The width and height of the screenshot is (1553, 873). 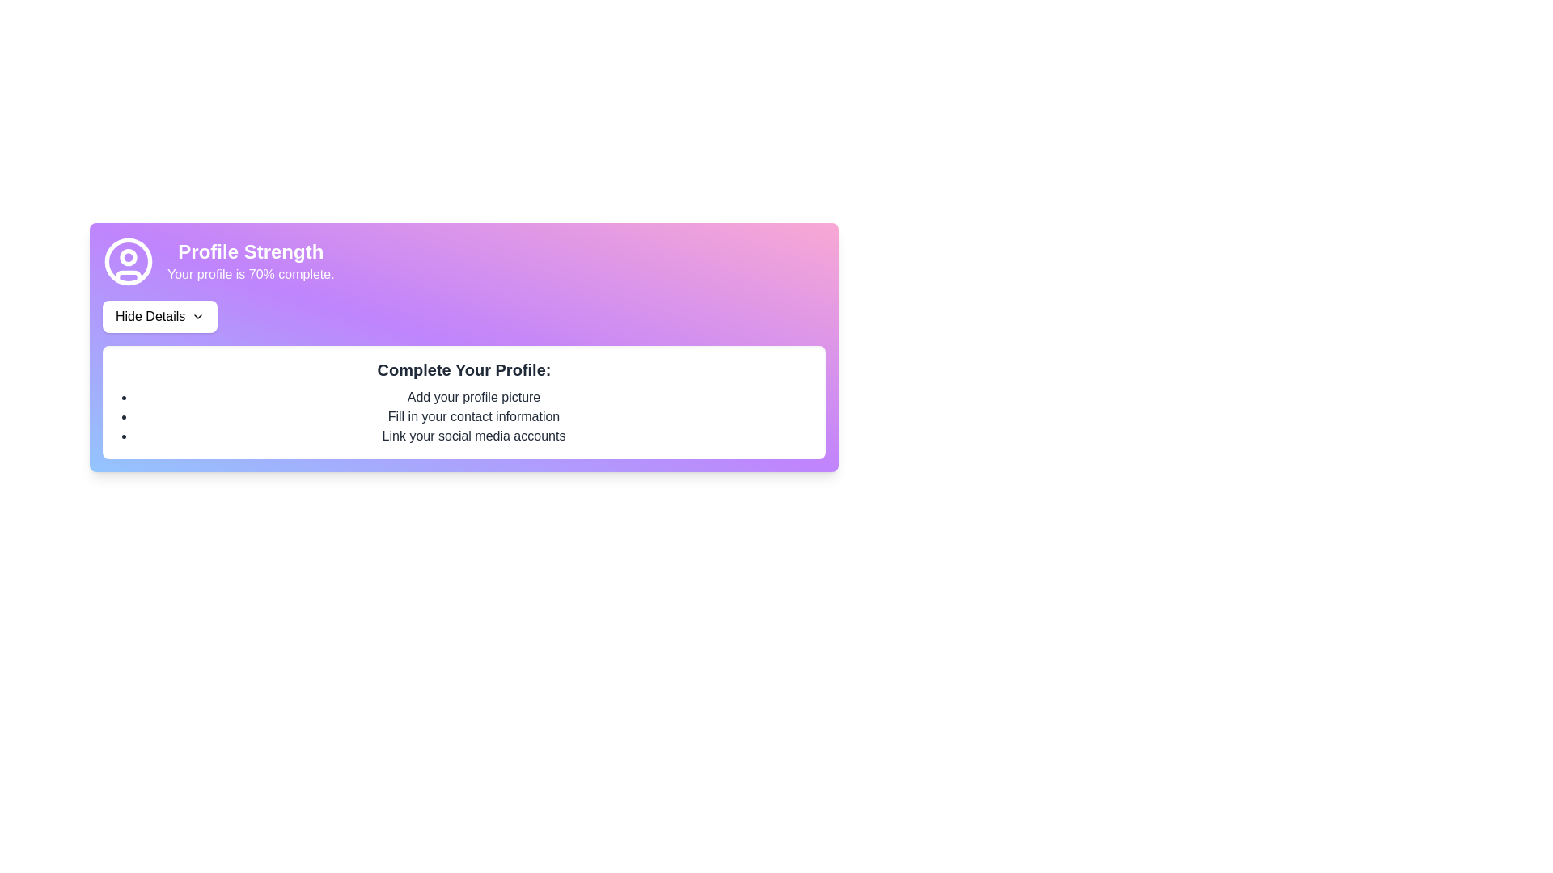 I want to click on the textual instruction for linking social media accounts, which is the third item in the bulleted checklist under 'Complete Your Profile:', so click(x=472, y=436).